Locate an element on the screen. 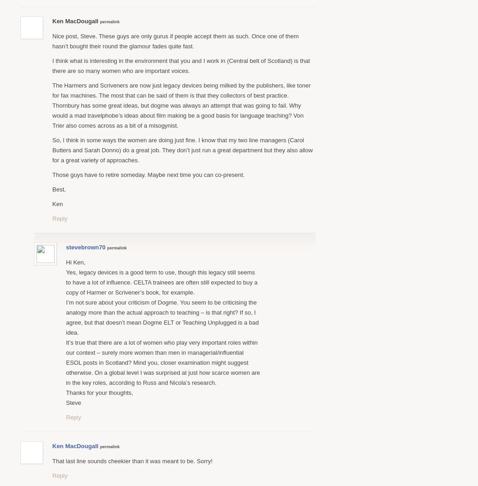 Image resolution: width=478 pixels, height=486 pixels. 'Ken' is located at coordinates (57, 203).